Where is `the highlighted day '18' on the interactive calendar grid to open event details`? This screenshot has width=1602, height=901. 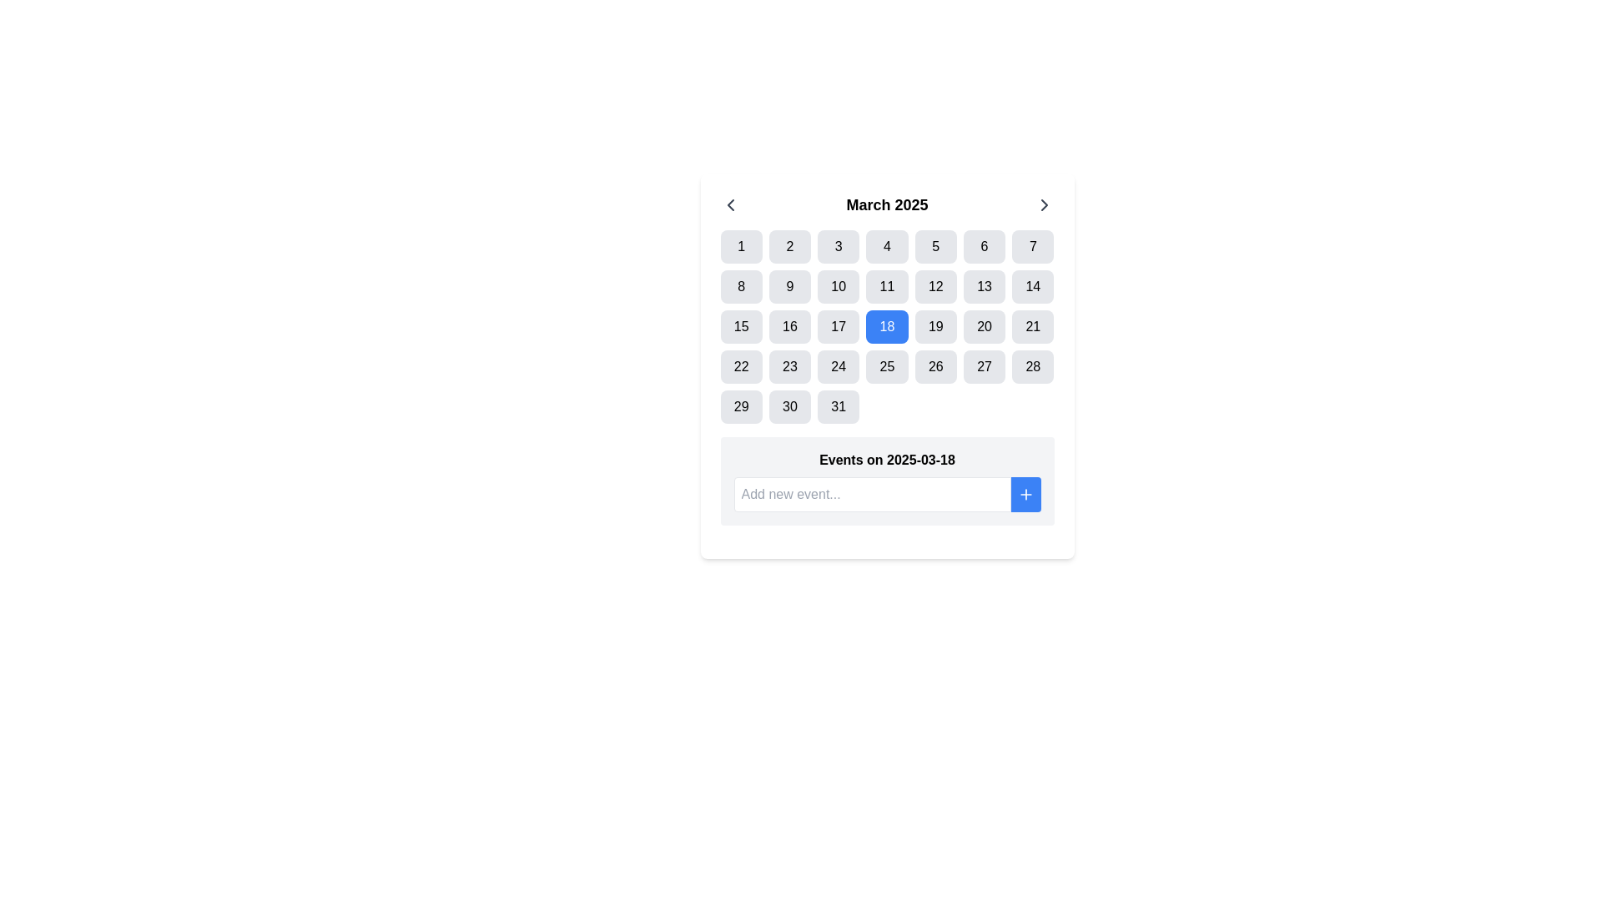
the highlighted day '18' on the interactive calendar grid to open event details is located at coordinates (886, 327).